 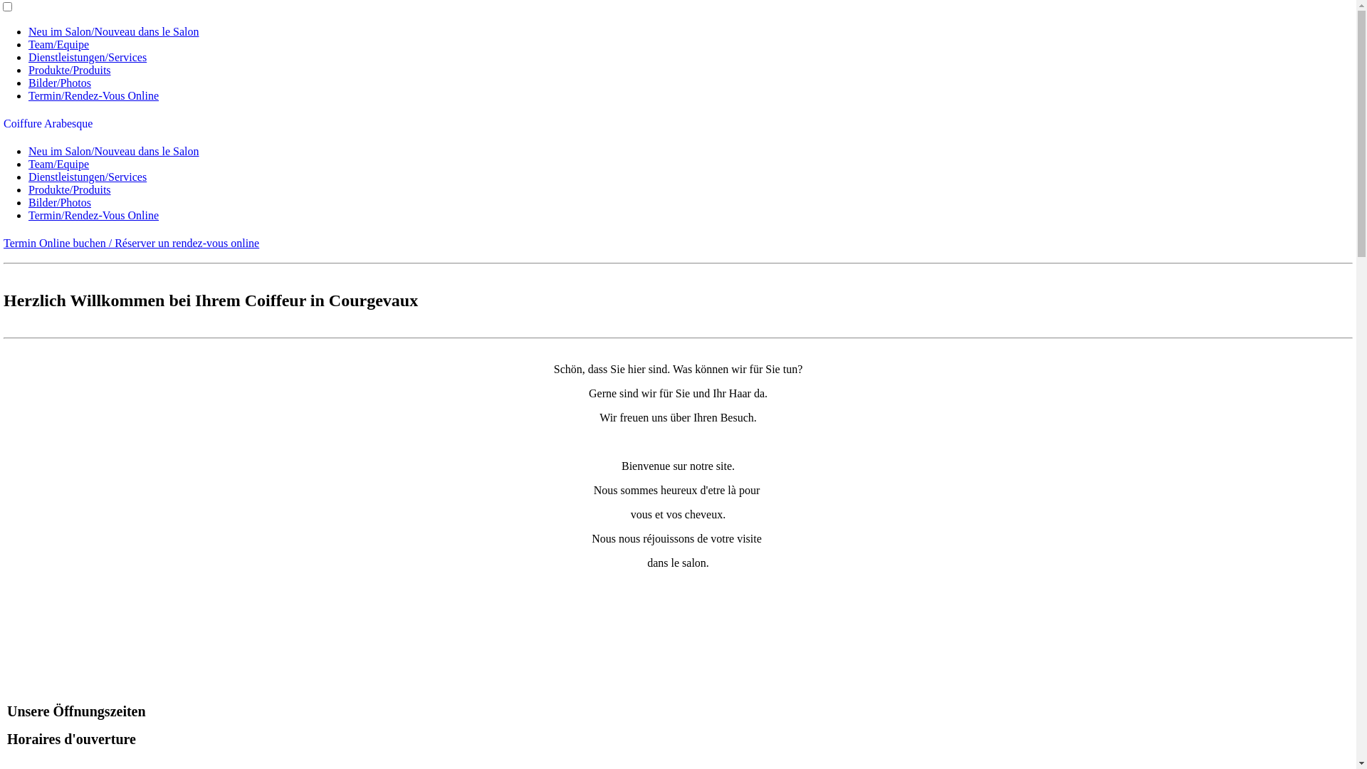 What do you see at coordinates (58, 163) in the screenshot?
I see `'Team/Equipe'` at bounding box center [58, 163].